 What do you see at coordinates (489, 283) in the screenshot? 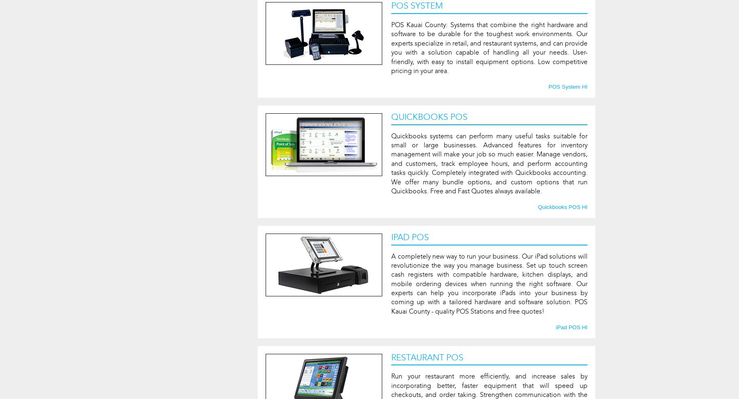
I see `'A completely new way to run your business. Our iPad solutions will revolutionize the way you manage business. Set up touch screen cash registers with compatible hardware, kitchen displays, and mobile ordering devices when running the right software. Our experts can help you incorporate iPads into your business by coming up with a tailored hardware and software solution. POS Kauai County - quality POS Stations and free quotes!'` at bounding box center [489, 283].